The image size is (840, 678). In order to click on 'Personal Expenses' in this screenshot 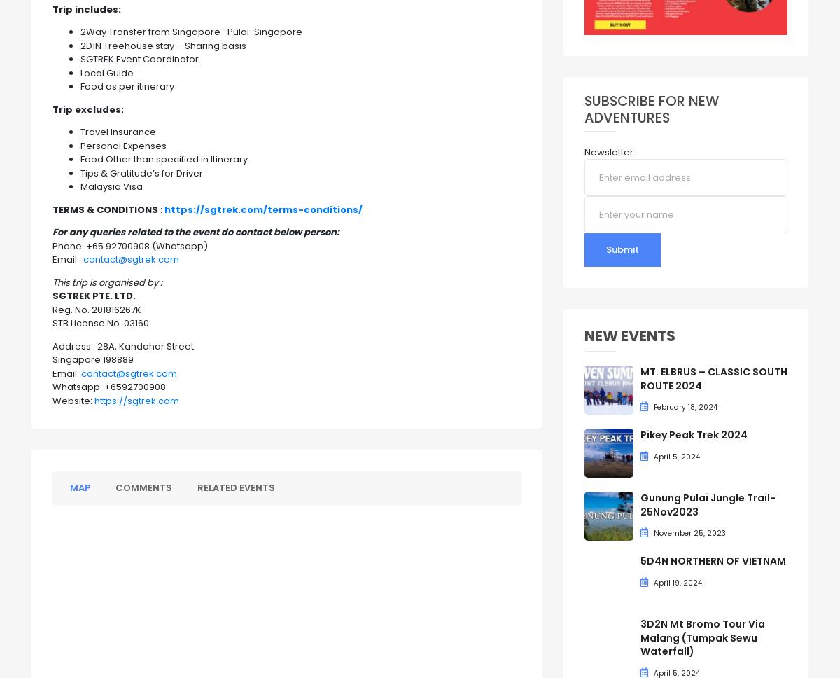, I will do `click(122, 144)`.